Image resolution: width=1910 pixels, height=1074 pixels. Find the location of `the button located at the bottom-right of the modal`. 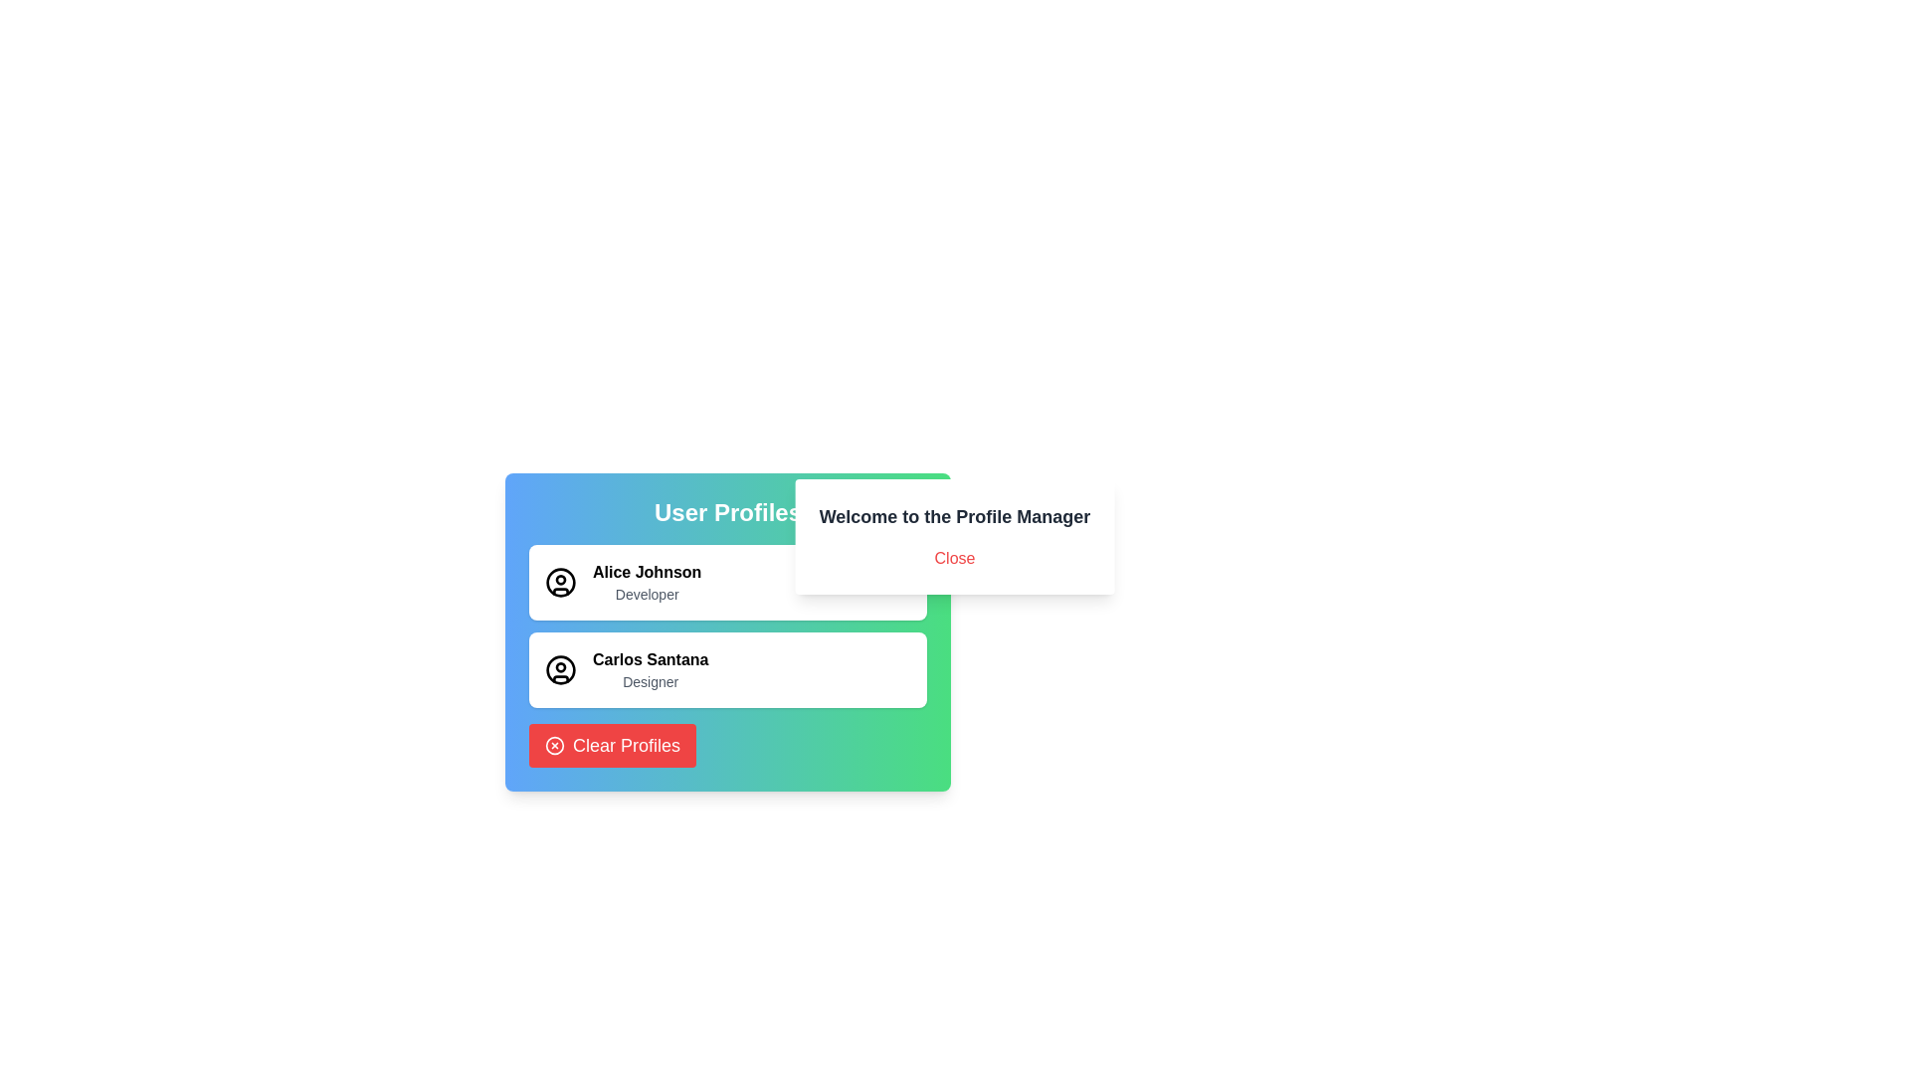

the button located at the bottom-right of the modal is located at coordinates (955, 559).